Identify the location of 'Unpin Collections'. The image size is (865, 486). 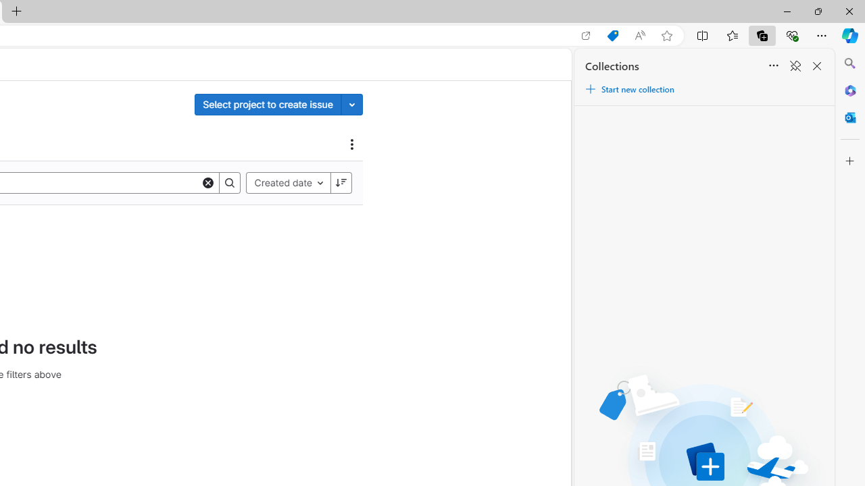
(795, 66).